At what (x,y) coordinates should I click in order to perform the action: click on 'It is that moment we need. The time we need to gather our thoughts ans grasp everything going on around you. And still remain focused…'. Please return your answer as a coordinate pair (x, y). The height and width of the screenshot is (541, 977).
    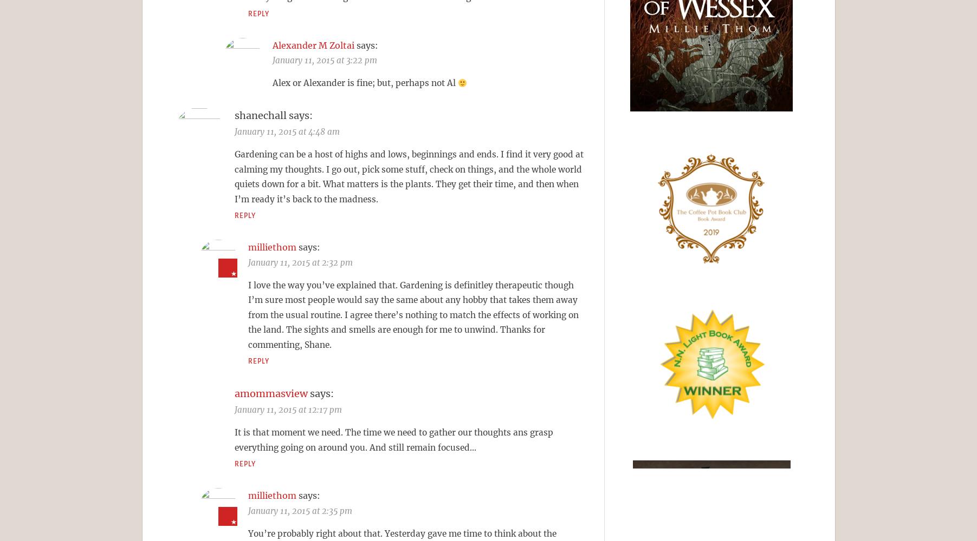
    Looking at the image, I should click on (393, 439).